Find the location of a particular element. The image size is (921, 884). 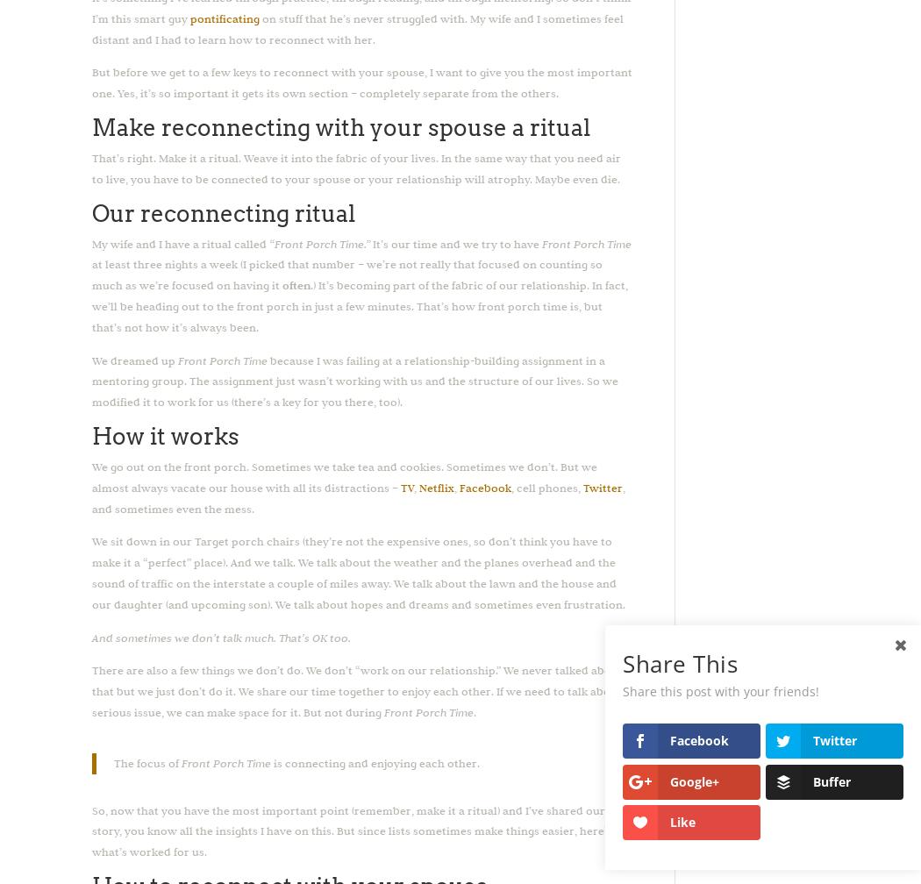

'Like' is located at coordinates (682, 822).